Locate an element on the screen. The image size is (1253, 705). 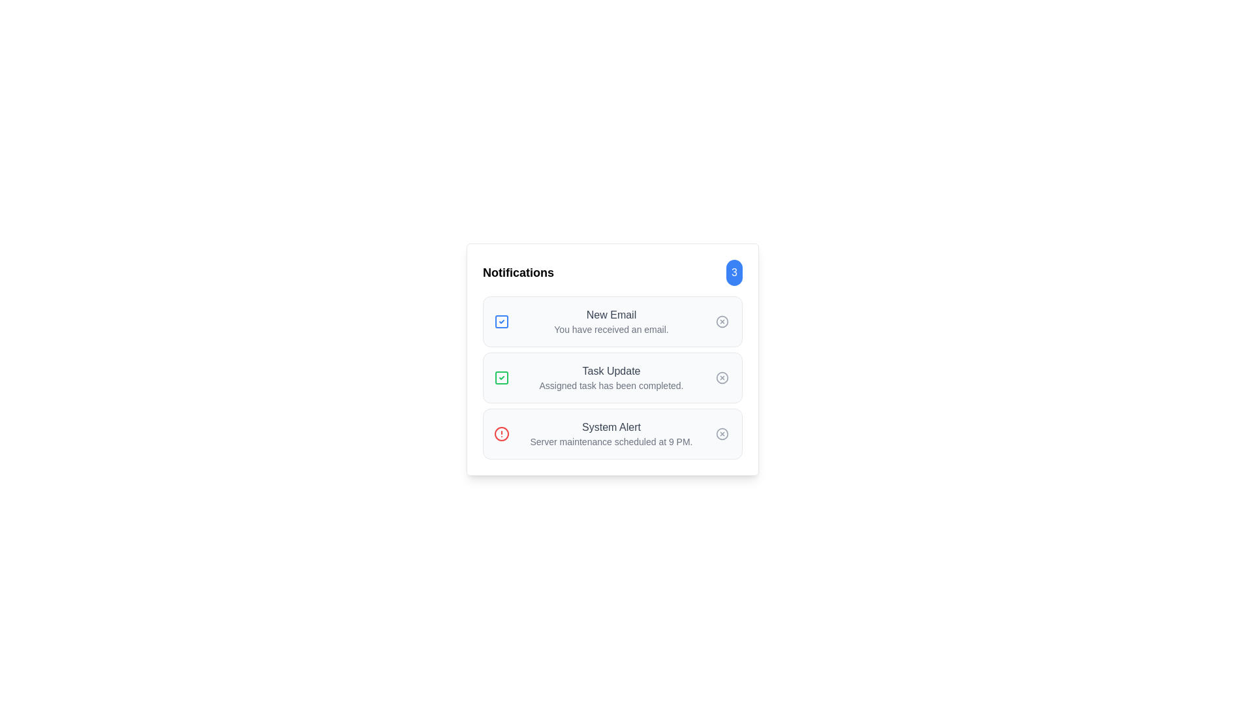
the dismiss button located at the far-right side of the 'System Alert' notification panel is located at coordinates (722, 433).